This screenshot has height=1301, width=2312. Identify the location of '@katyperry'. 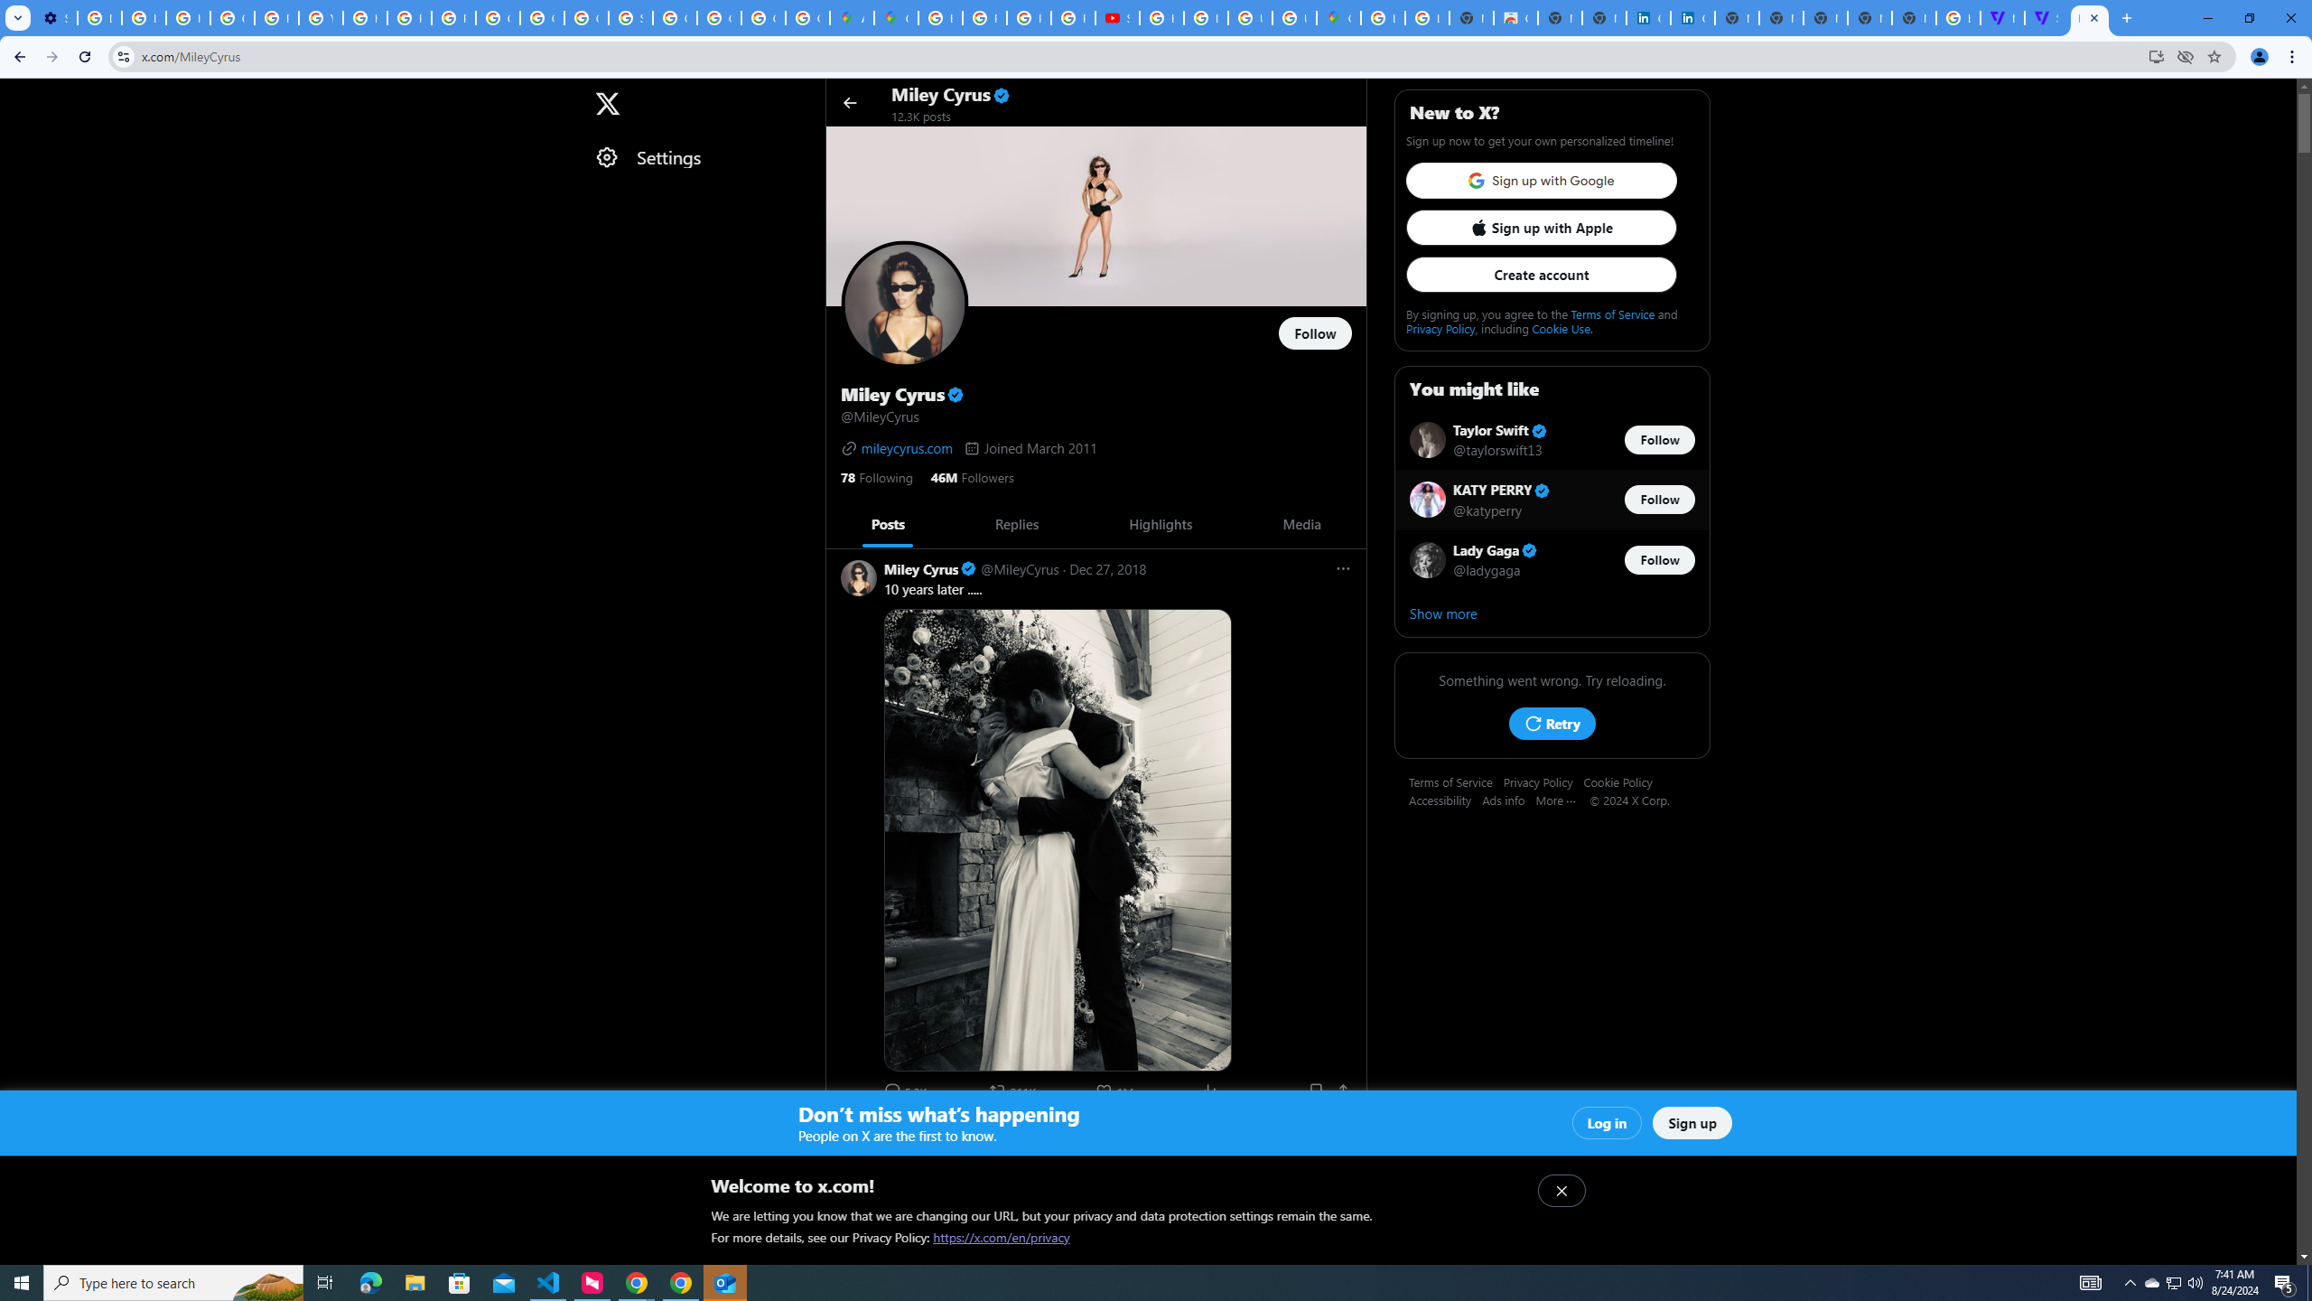
(1487, 509).